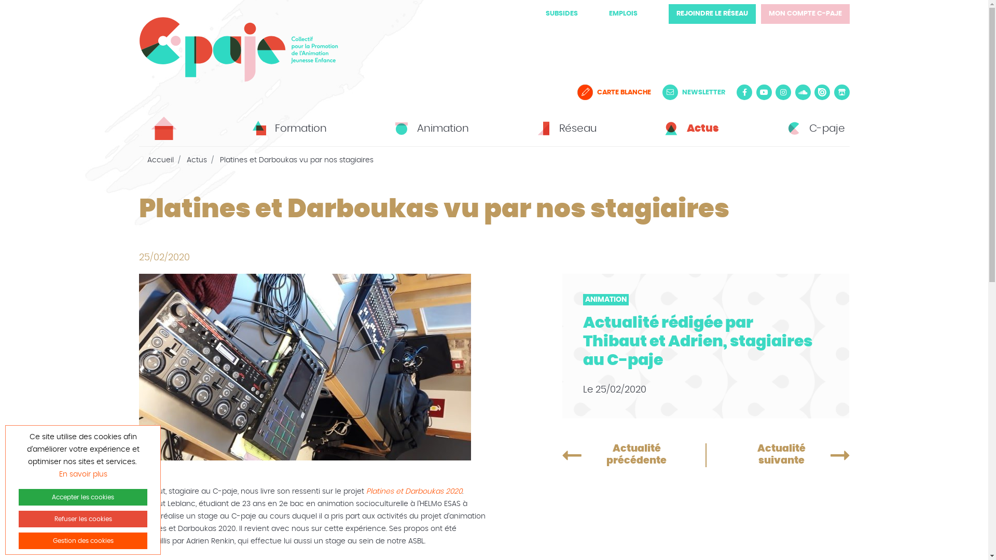 The height and width of the screenshot is (560, 996). What do you see at coordinates (83, 474) in the screenshot?
I see `'En savoir plus'` at bounding box center [83, 474].